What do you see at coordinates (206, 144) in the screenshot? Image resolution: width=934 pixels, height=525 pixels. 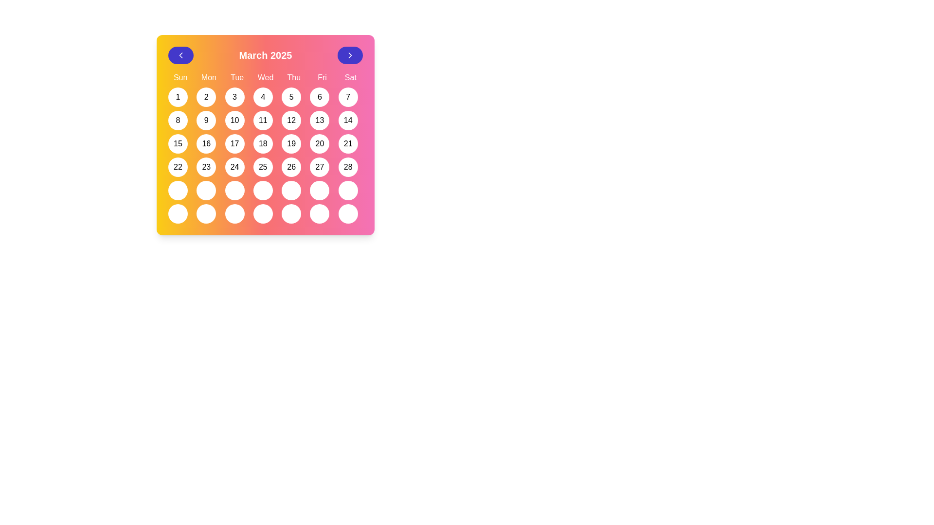 I see `the circular button labeled '16' in the calendar grid under the 'Sun' column` at bounding box center [206, 144].